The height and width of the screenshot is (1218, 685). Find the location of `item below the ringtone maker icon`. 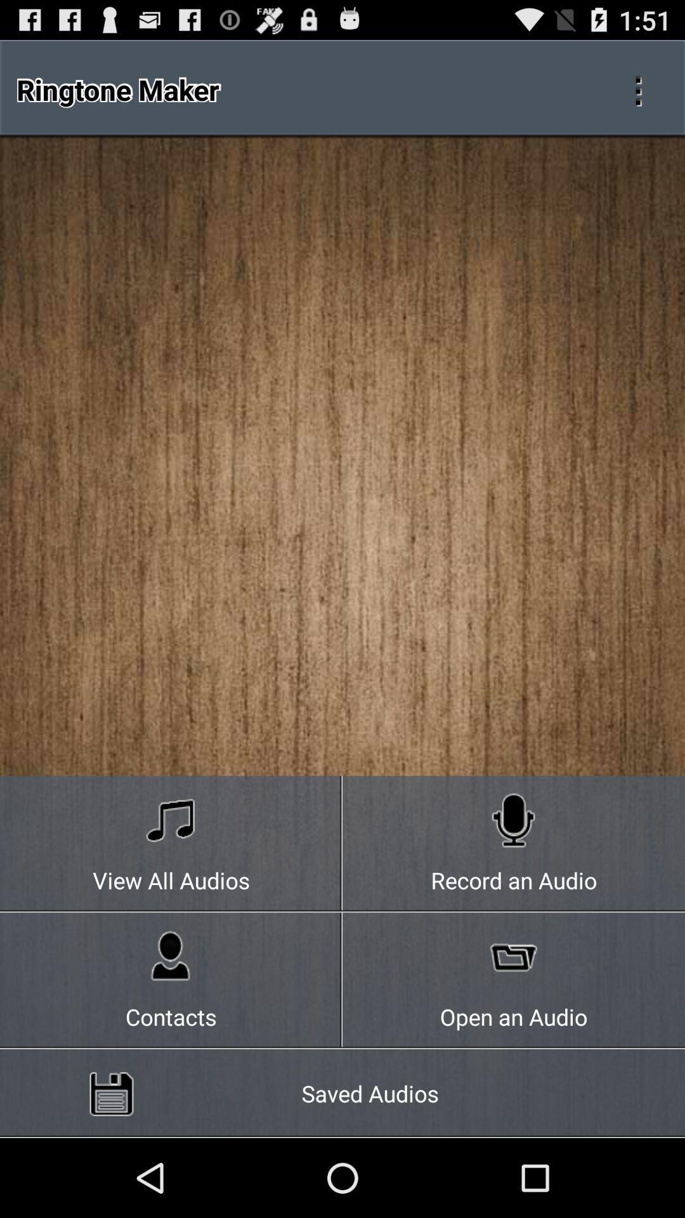

item below the ringtone maker icon is located at coordinates (171, 844).